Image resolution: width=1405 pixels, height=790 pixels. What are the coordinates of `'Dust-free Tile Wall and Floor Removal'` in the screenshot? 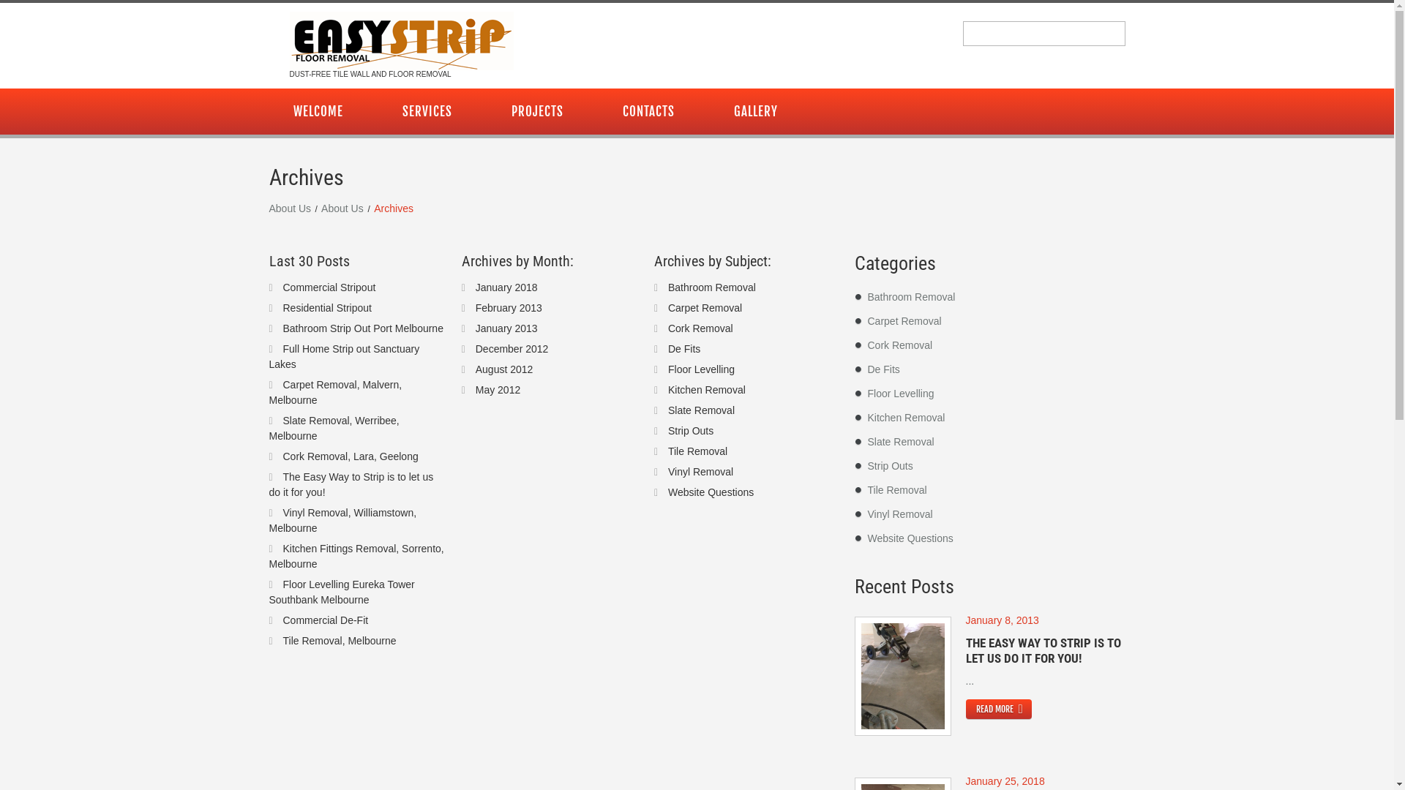 It's located at (401, 40).